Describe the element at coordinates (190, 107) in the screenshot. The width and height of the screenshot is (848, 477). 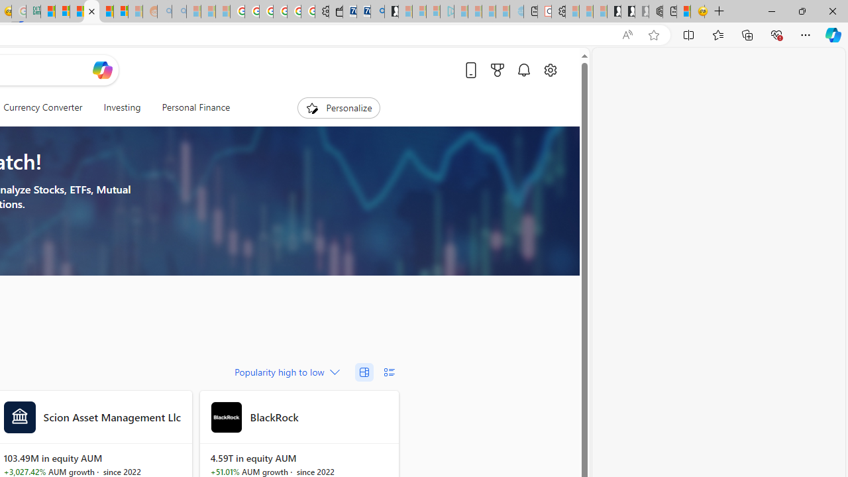
I see `'Personal Finance'` at that location.